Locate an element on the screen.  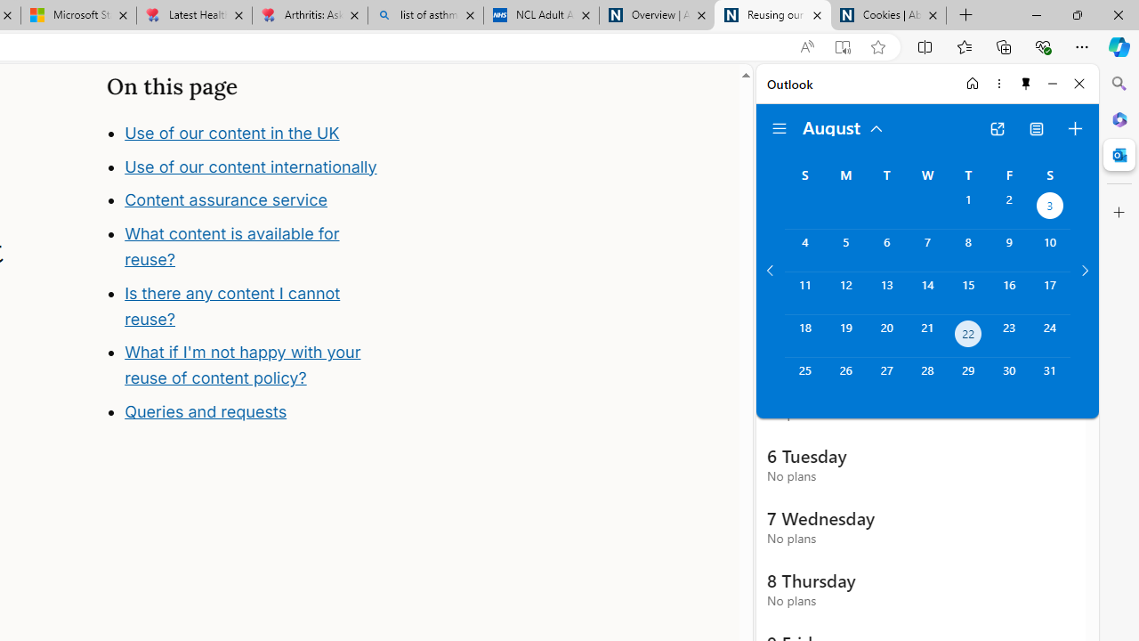
'Cookies | About | NICE' is located at coordinates (889, 15).